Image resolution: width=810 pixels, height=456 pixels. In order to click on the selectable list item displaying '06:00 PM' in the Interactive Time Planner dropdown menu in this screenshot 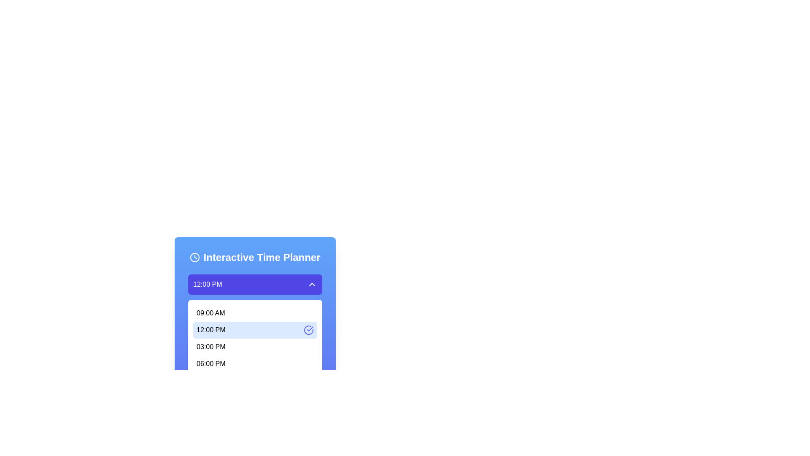, I will do `click(254, 363)`.